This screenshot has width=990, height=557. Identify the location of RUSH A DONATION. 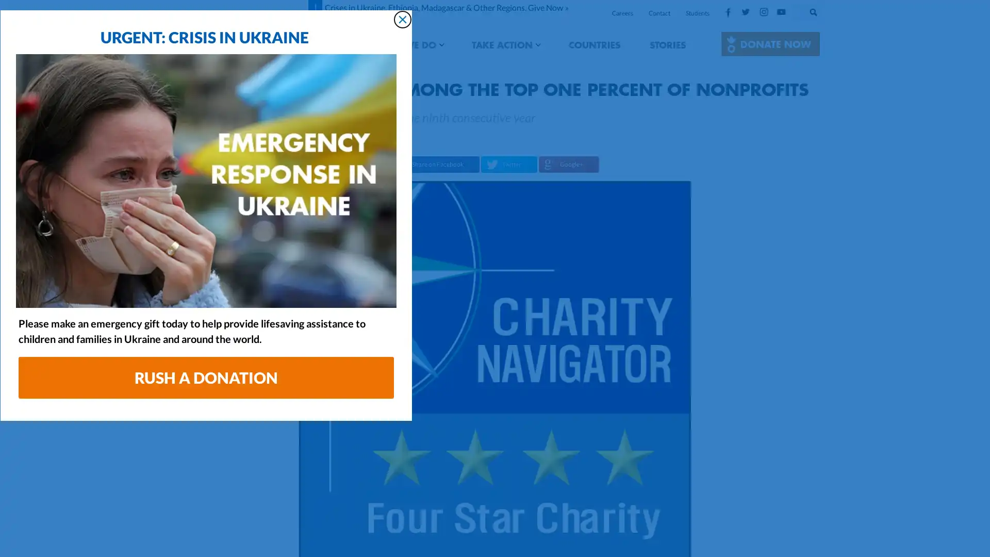
(495, 440).